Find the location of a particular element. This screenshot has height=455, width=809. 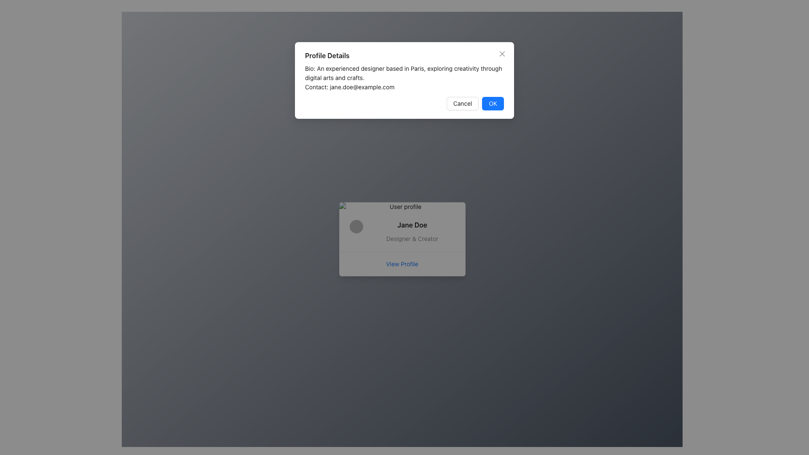

text displayed in the user profile card section titled 'Jane Doe' which includes the subtitle 'Designer & Creator' is located at coordinates (402, 231).